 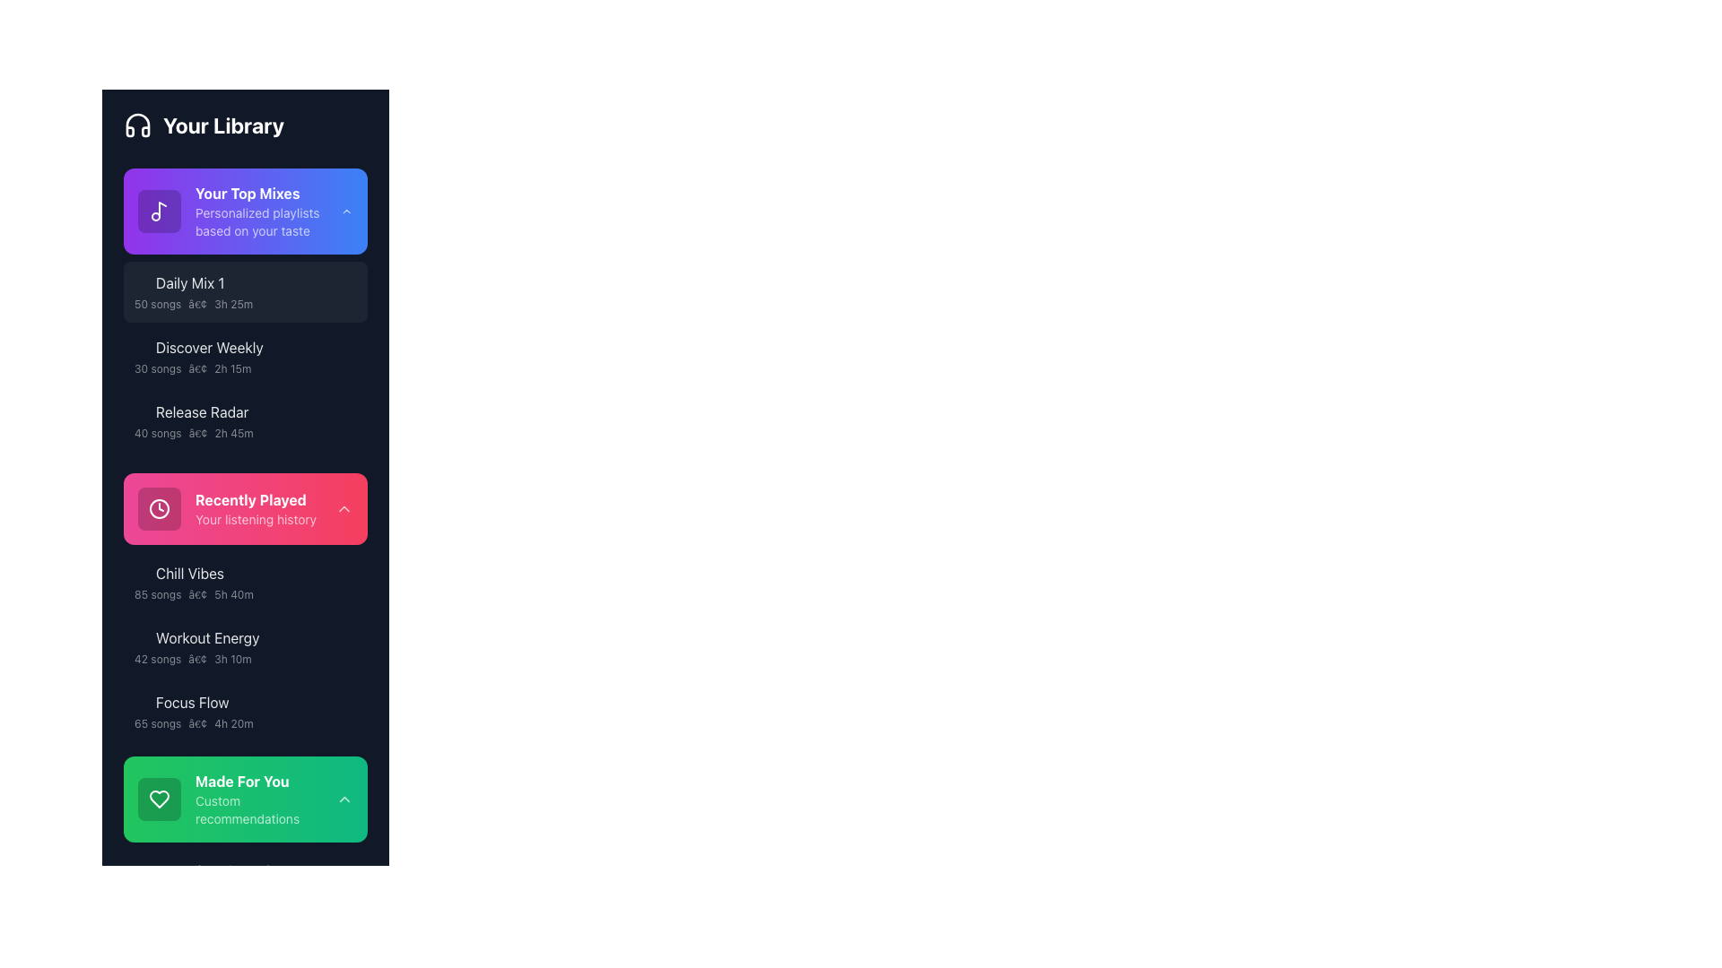 What do you see at coordinates (231, 368) in the screenshot?
I see `the text label displaying '2h 15m', which indicates a time duration in a small-sized, white-colored font, located under the 'Discover Weekly' playlist header` at bounding box center [231, 368].